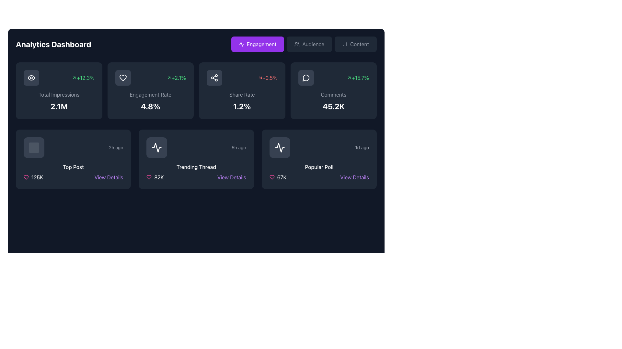  What do you see at coordinates (157, 147) in the screenshot?
I see `the pulse waveform icon with a white outline located in the center of the icon area of the second card in the second row of the dashboard interface to gain contextual understanding` at bounding box center [157, 147].